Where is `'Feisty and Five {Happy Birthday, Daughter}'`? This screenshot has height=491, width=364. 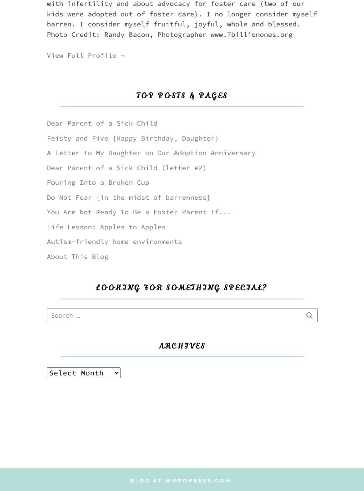 'Feisty and Five {Happy Birthday, Daughter}' is located at coordinates (132, 137).